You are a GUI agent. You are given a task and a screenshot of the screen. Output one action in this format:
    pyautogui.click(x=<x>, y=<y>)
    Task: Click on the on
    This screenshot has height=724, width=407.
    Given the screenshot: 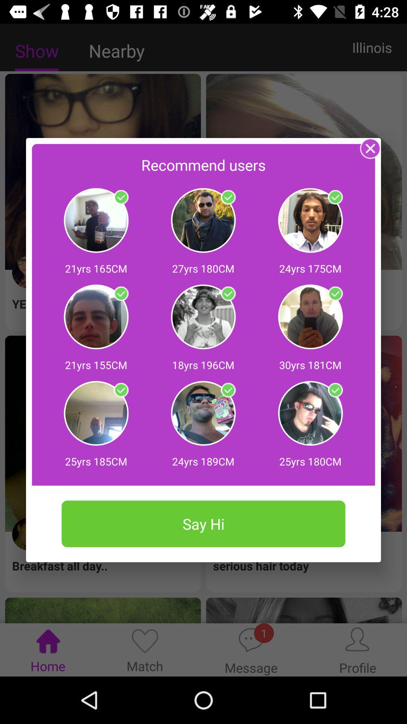 What is the action you would take?
    pyautogui.click(x=228, y=293)
    